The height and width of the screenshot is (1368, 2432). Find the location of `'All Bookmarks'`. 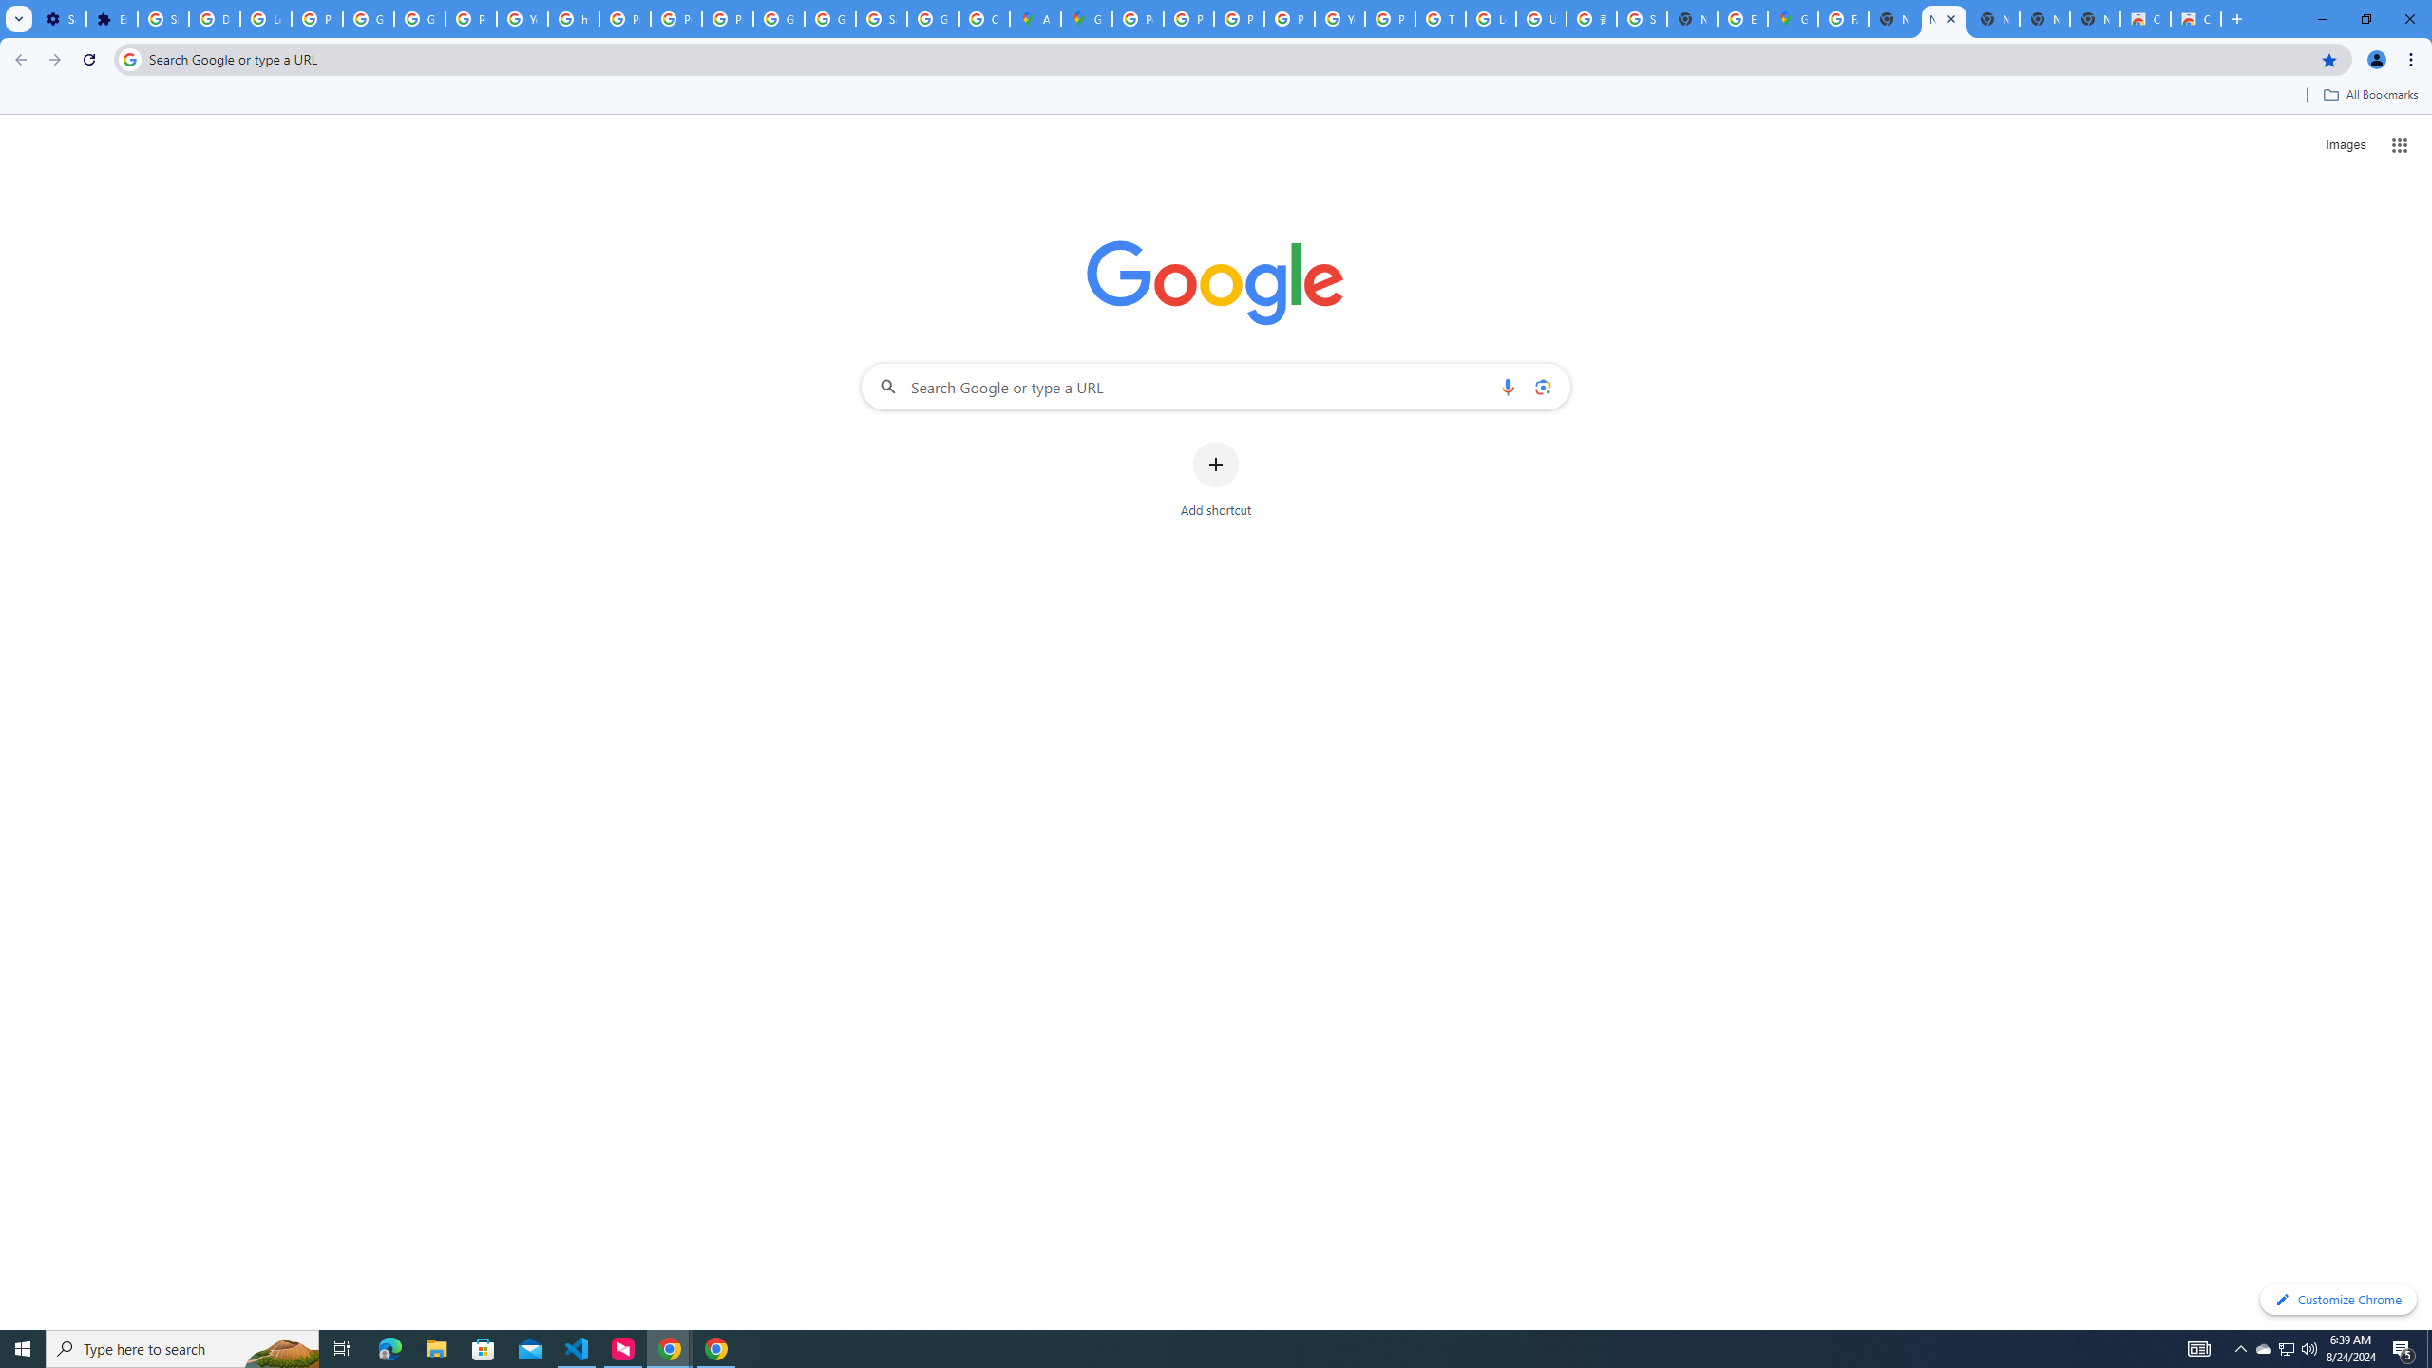

'All Bookmarks' is located at coordinates (2369, 94).